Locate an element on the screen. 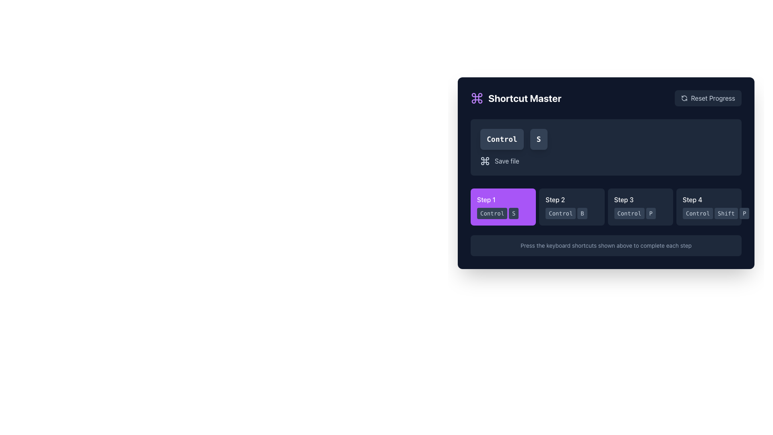 The width and height of the screenshot is (773, 435). the 'Shift' button-like label, which is a small, rounded rectangle with a dark slate-gray background and light gray text, located in the bottom-right area of the 'Shortcut Master' panel is located at coordinates (726, 213).